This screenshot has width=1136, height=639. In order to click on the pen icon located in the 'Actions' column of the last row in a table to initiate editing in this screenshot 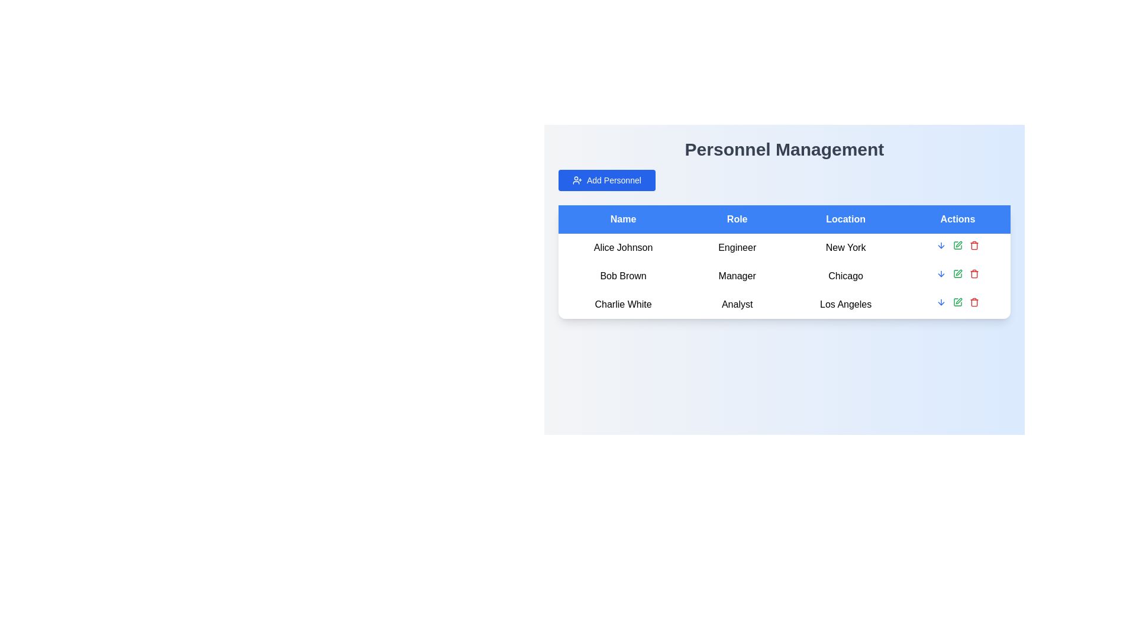, I will do `click(958, 301)`.